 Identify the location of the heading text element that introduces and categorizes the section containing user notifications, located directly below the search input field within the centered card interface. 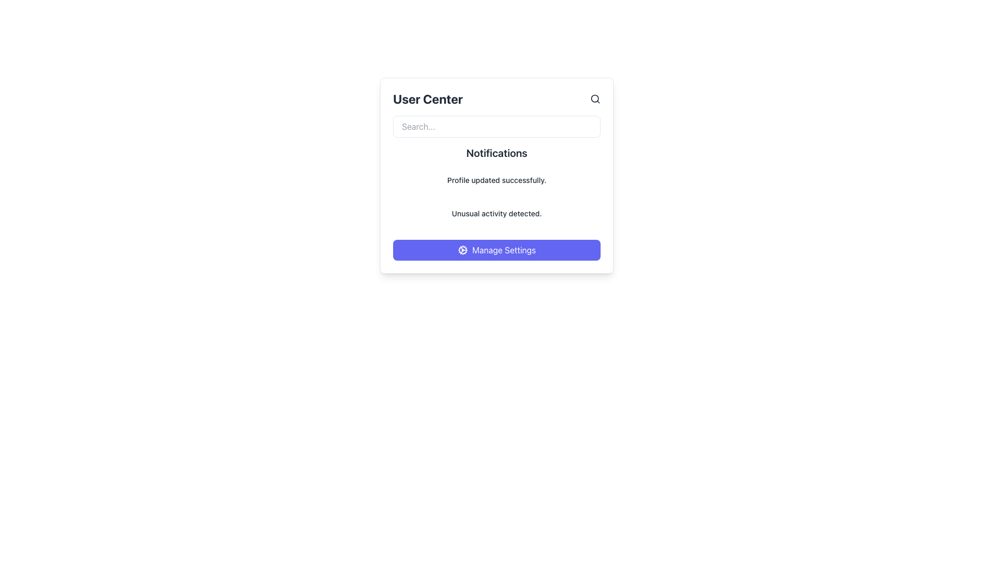
(496, 153).